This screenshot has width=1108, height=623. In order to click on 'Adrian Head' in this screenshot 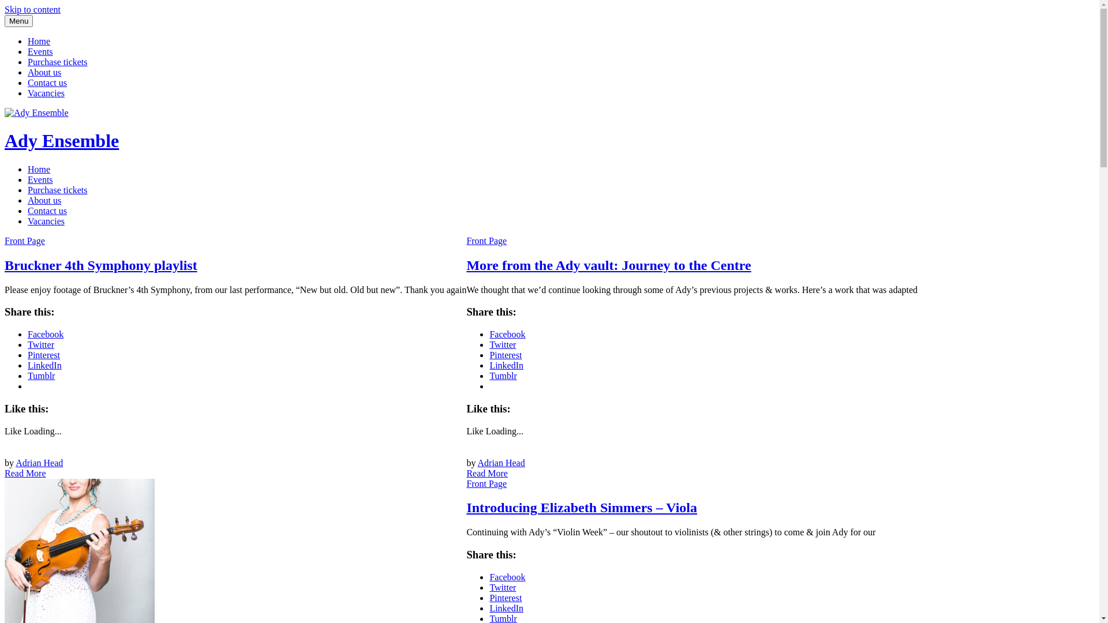, I will do `click(501, 462)`.